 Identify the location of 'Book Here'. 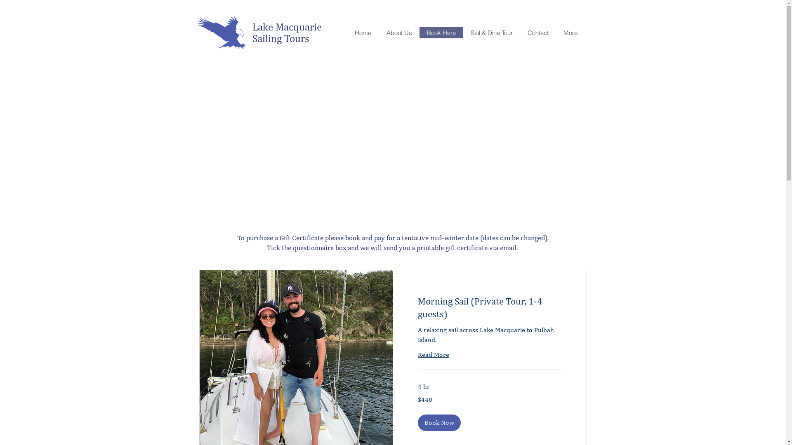
(441, 32).